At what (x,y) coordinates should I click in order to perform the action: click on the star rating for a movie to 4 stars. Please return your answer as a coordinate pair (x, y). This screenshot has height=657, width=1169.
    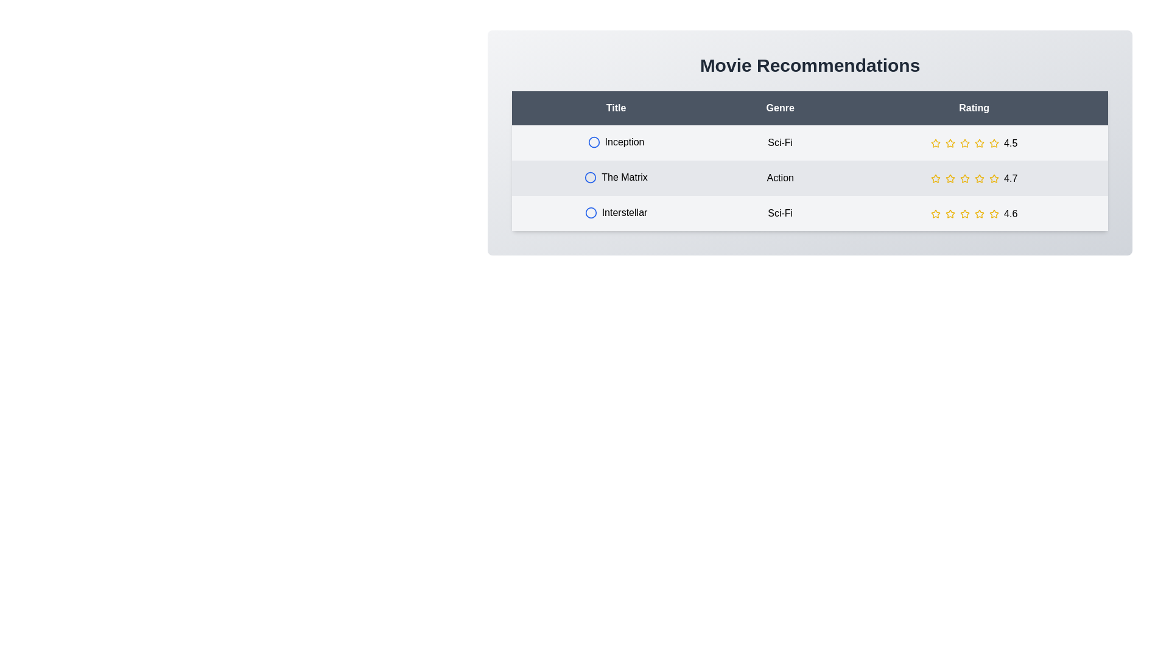
    Looking at the image, I should click on (979, 142).